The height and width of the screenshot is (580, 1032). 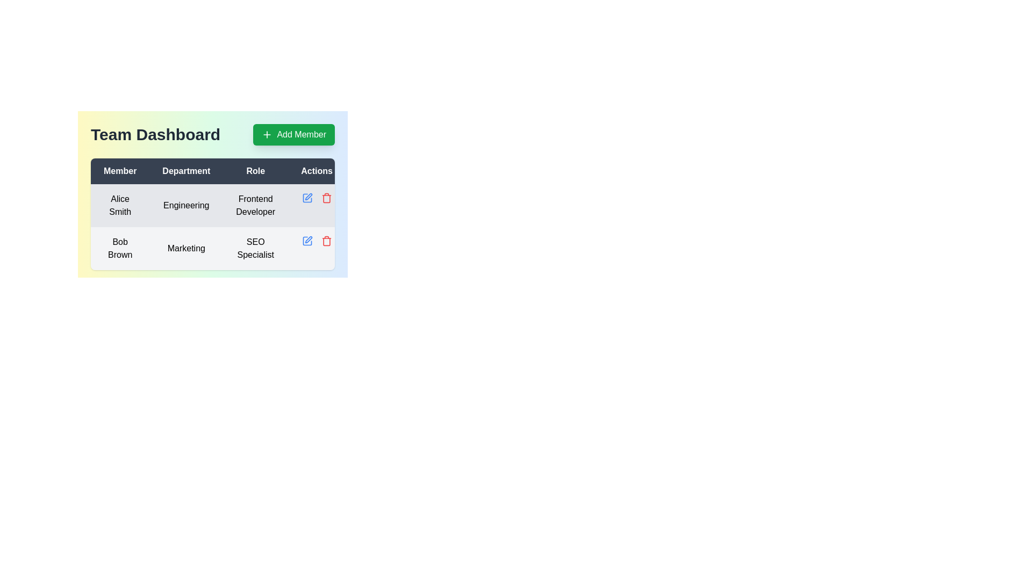 I want to click on the text element displaying 'Bob Brown' in the first cell of the second row of the table, which is styled in black font on a light-gray background, so click(x=120, y=248).